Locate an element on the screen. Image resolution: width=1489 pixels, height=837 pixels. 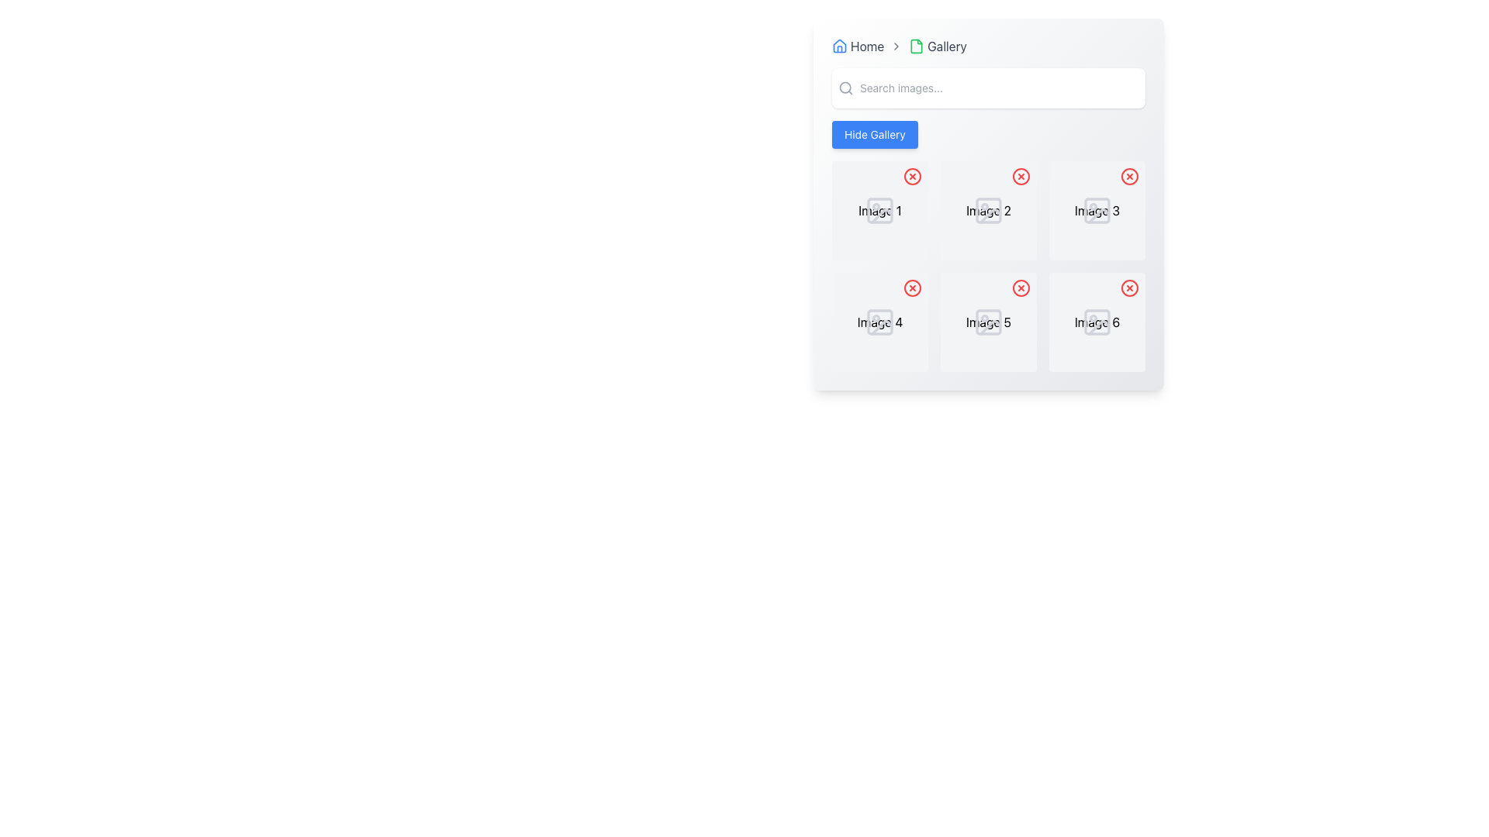
the associated image details for the Text label indicating 'Image 1', located at the top-left corner of the gallery section is located at coordinates (879, 211).